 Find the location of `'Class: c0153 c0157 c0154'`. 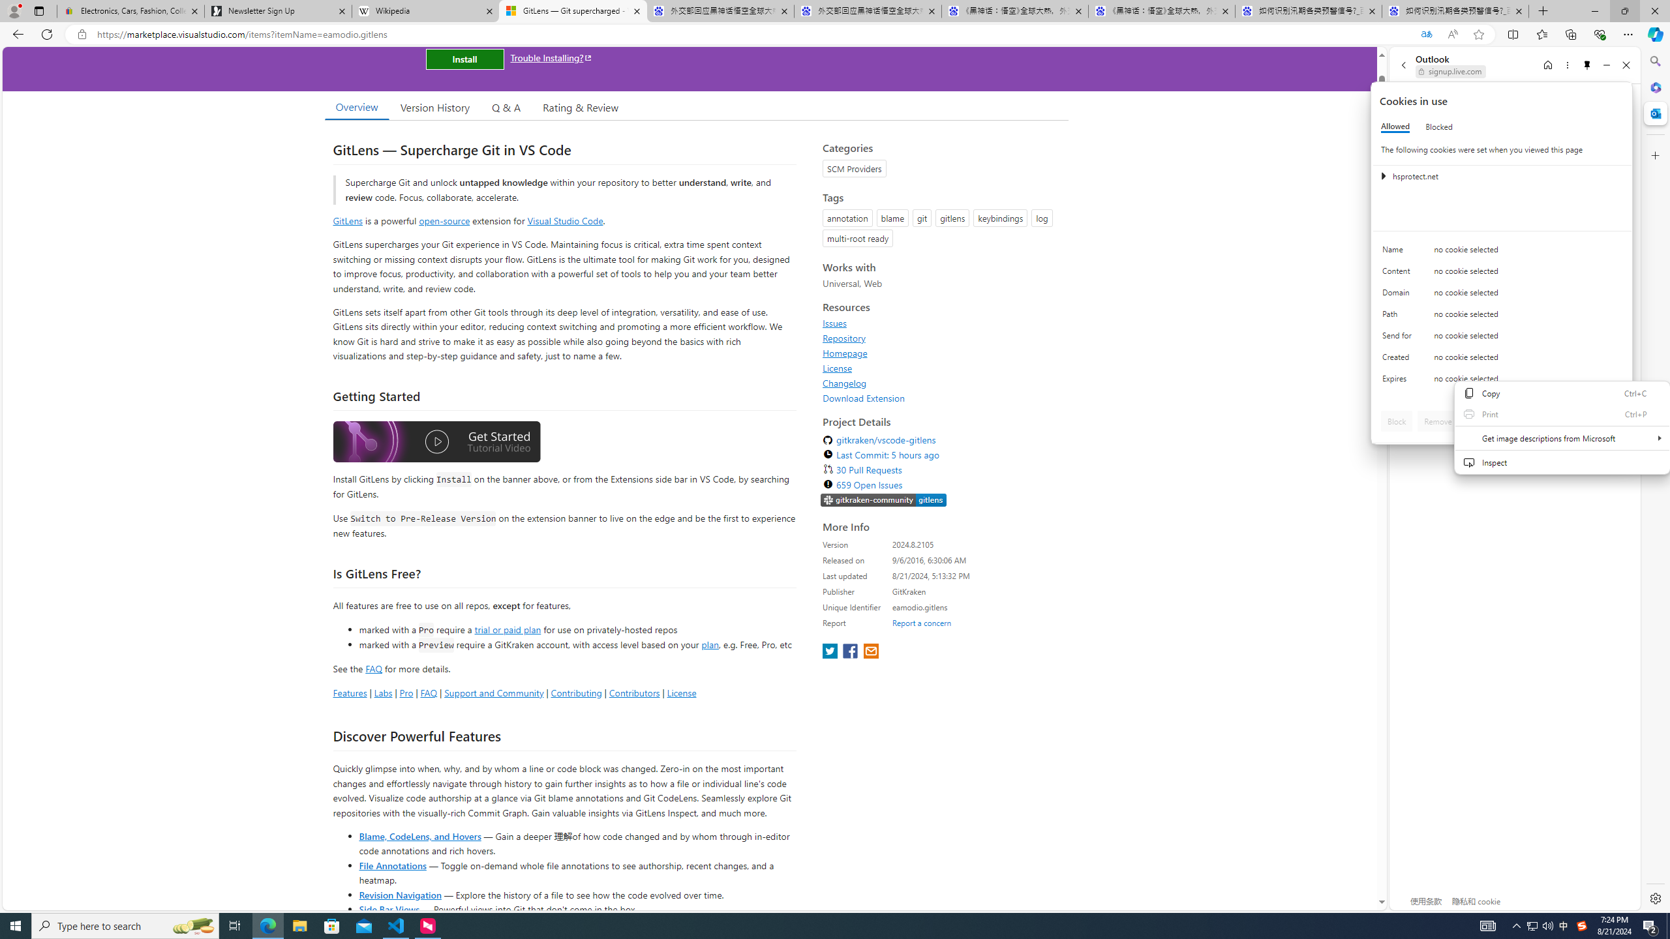

'Class: c0153 c0157 c0154' is located at coordinates (1502, 252).